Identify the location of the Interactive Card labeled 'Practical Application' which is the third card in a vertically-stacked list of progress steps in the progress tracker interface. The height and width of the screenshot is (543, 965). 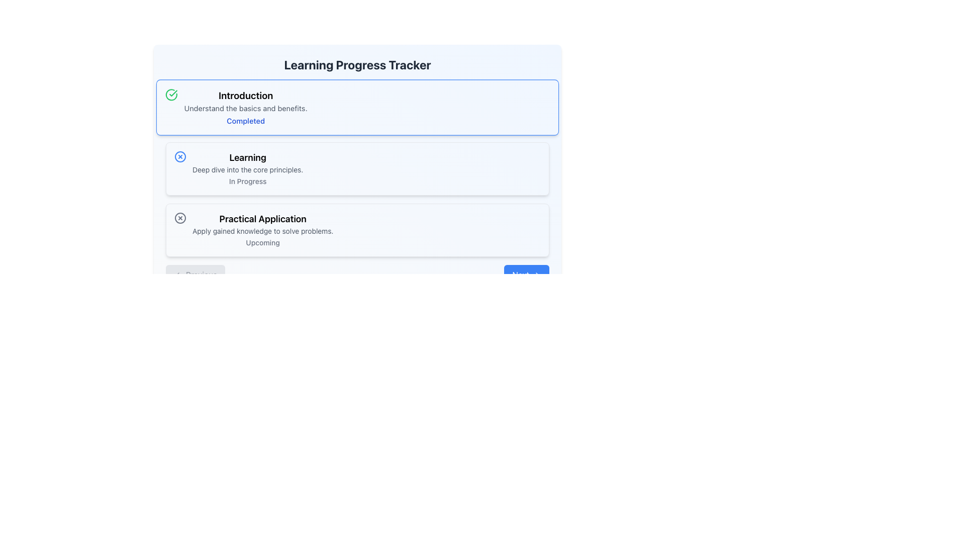
(357, 230).